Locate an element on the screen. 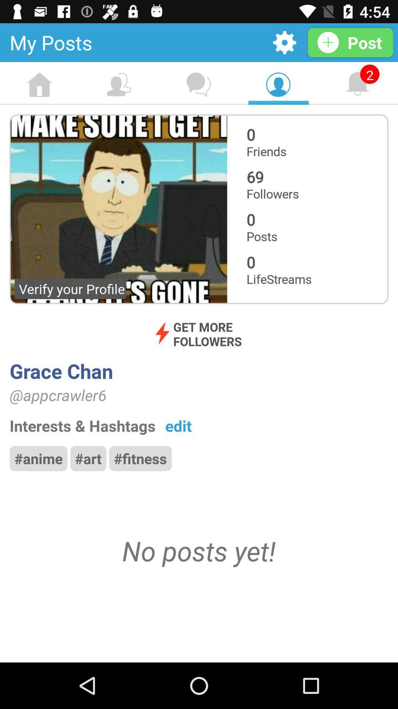 The image size is (398, 709). icon next to 0 is located at coordinates (118, 209).